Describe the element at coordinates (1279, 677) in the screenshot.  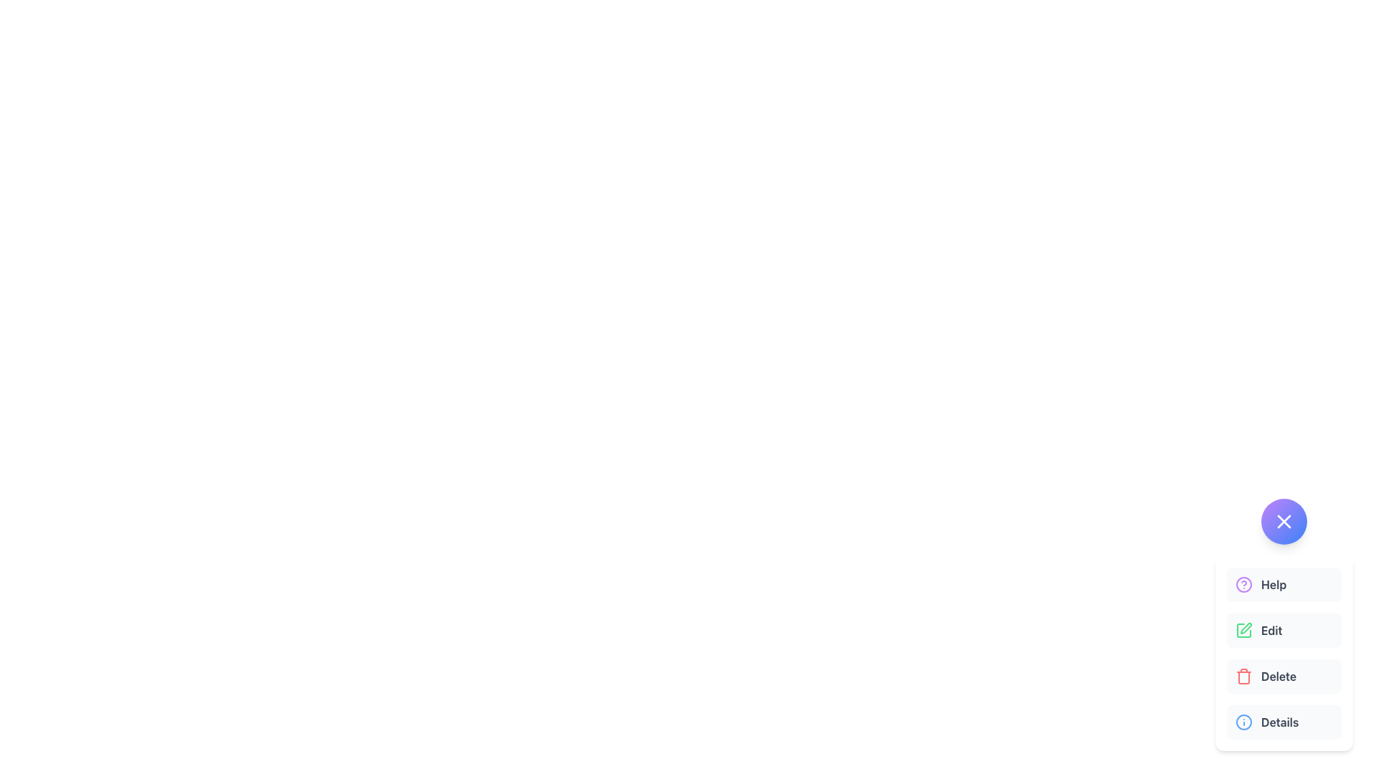
I see `the 'Delete' text label styled in bold gray font, located beneath the red trash can icon in the vertical menu` at that location.